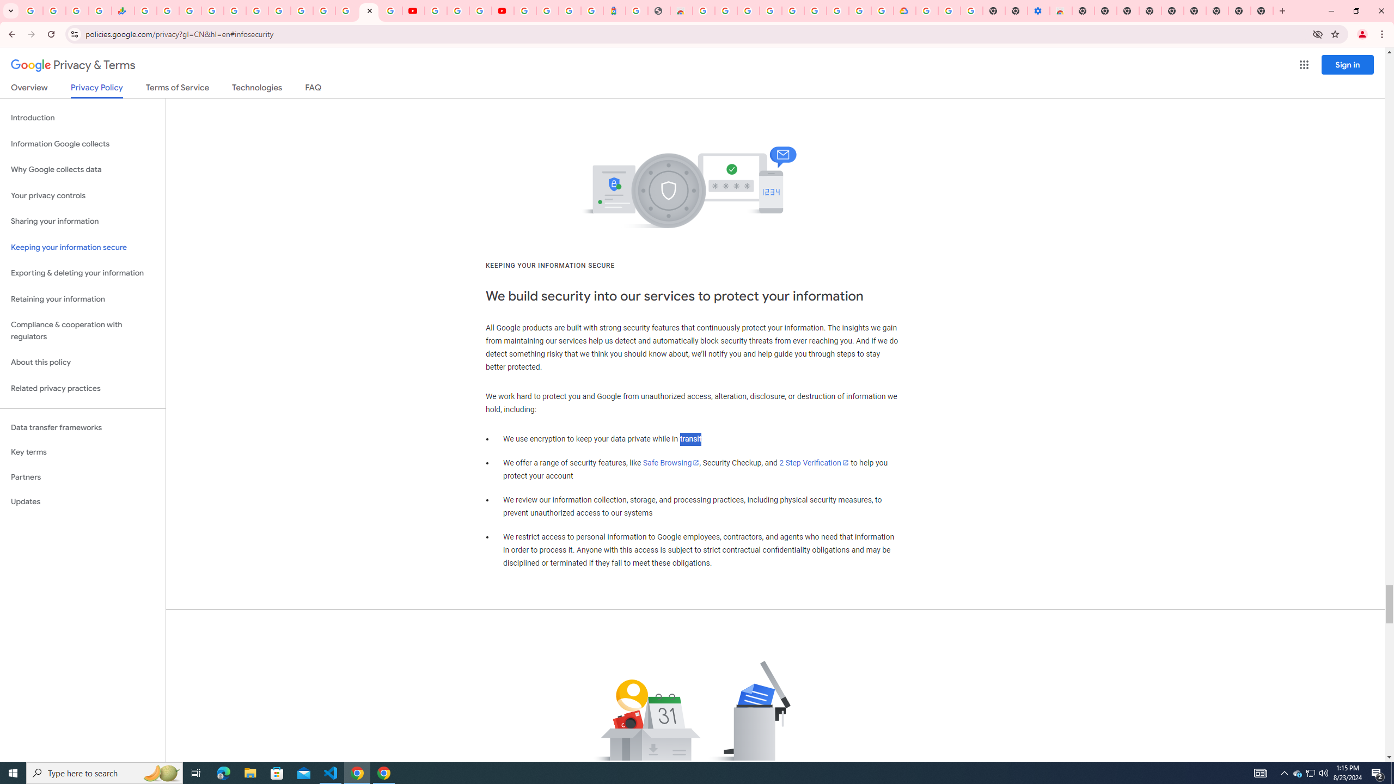 Image resolution: width=1394 pixels, height=784 pixels. Describe the element at coordinates (613, 10) in the screenshot. I see `'Atour Hotel - Google hotels'` at that location.